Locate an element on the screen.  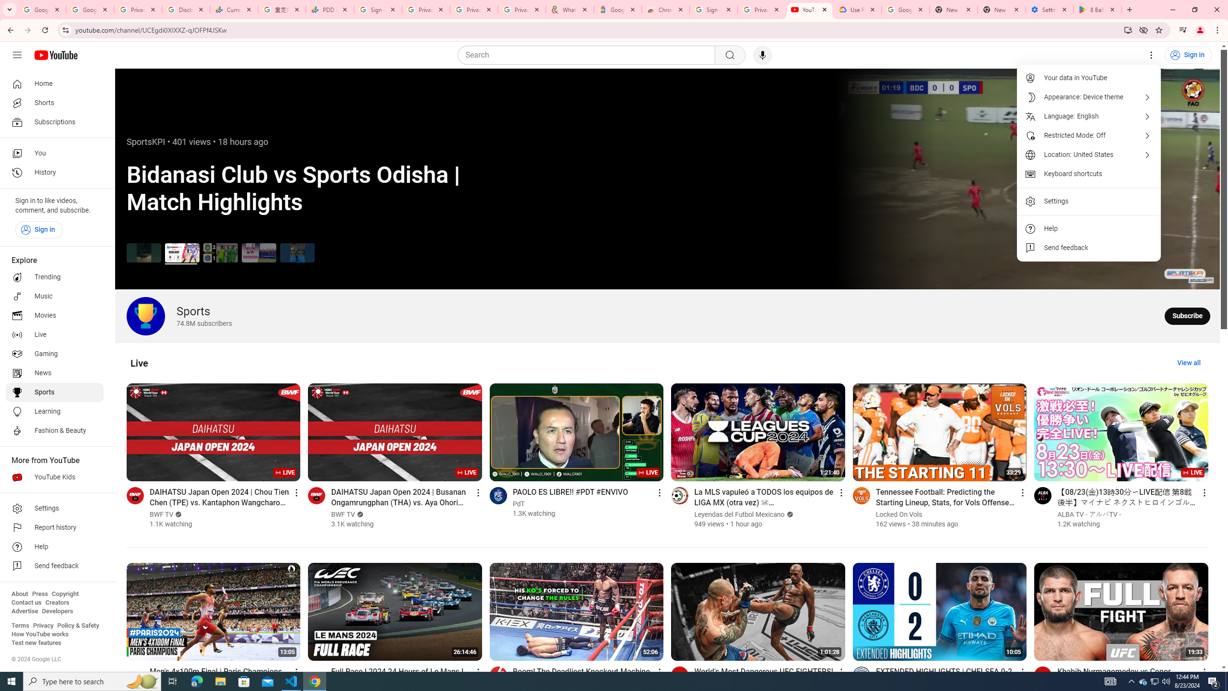
'Report history' is located at coordinates (54, 527).